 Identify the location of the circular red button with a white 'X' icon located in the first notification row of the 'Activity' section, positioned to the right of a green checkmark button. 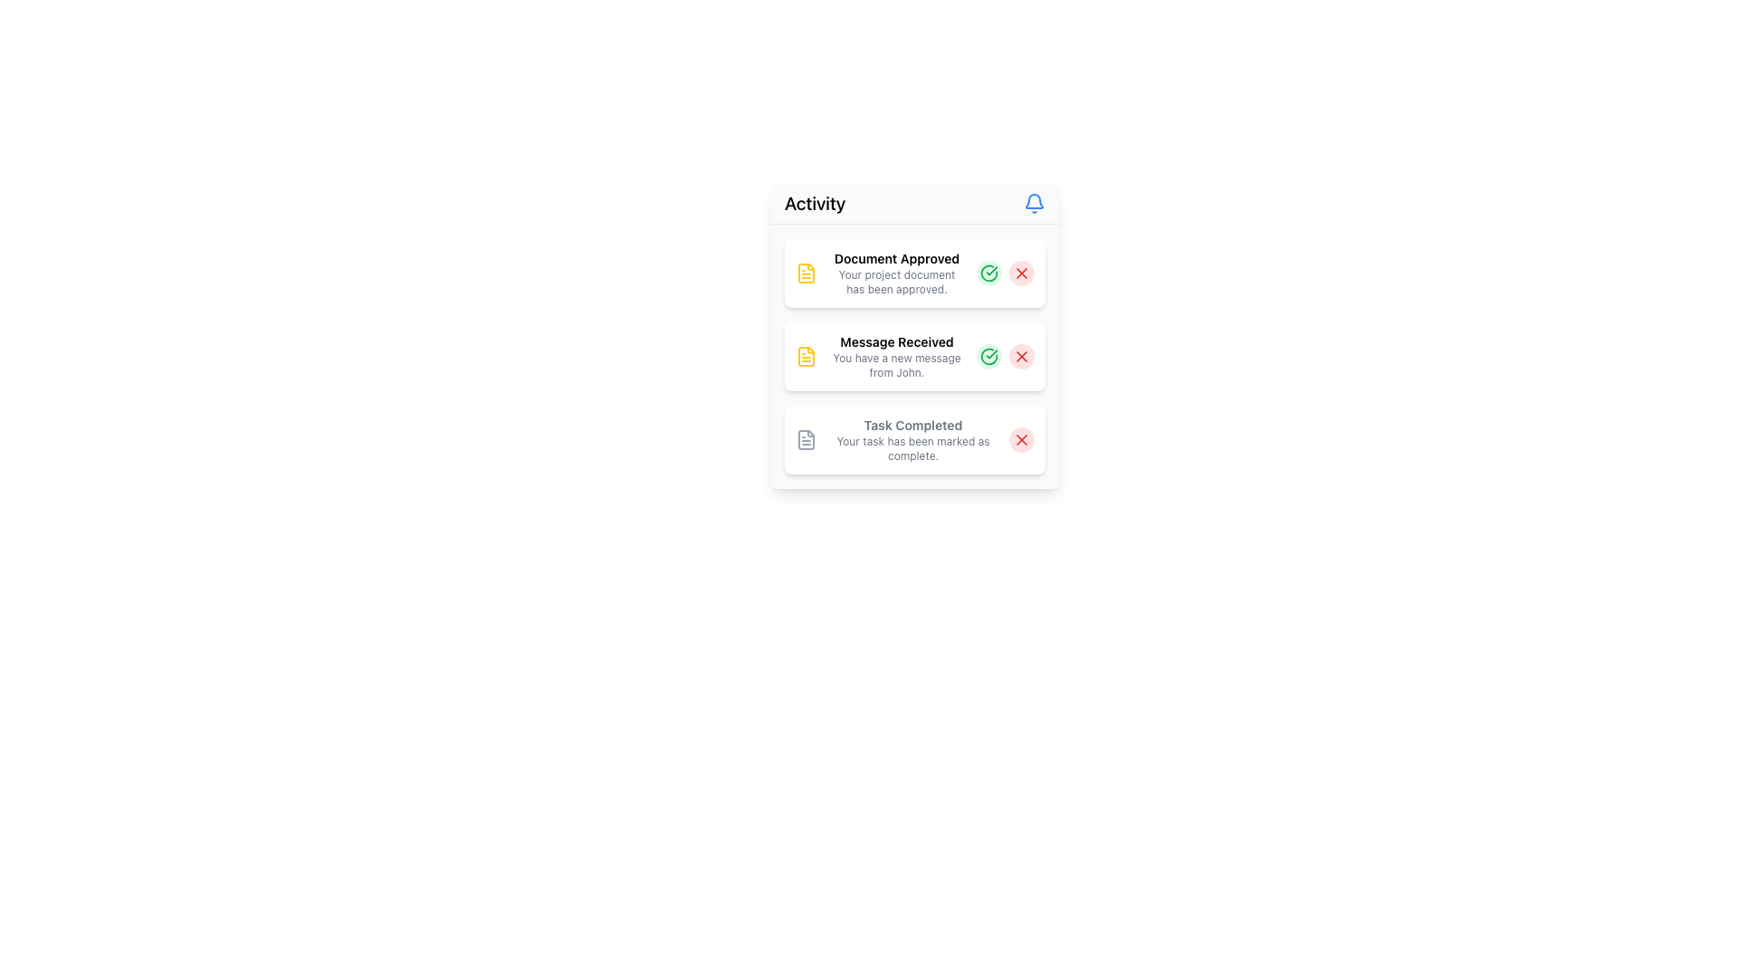
(1021, 273).